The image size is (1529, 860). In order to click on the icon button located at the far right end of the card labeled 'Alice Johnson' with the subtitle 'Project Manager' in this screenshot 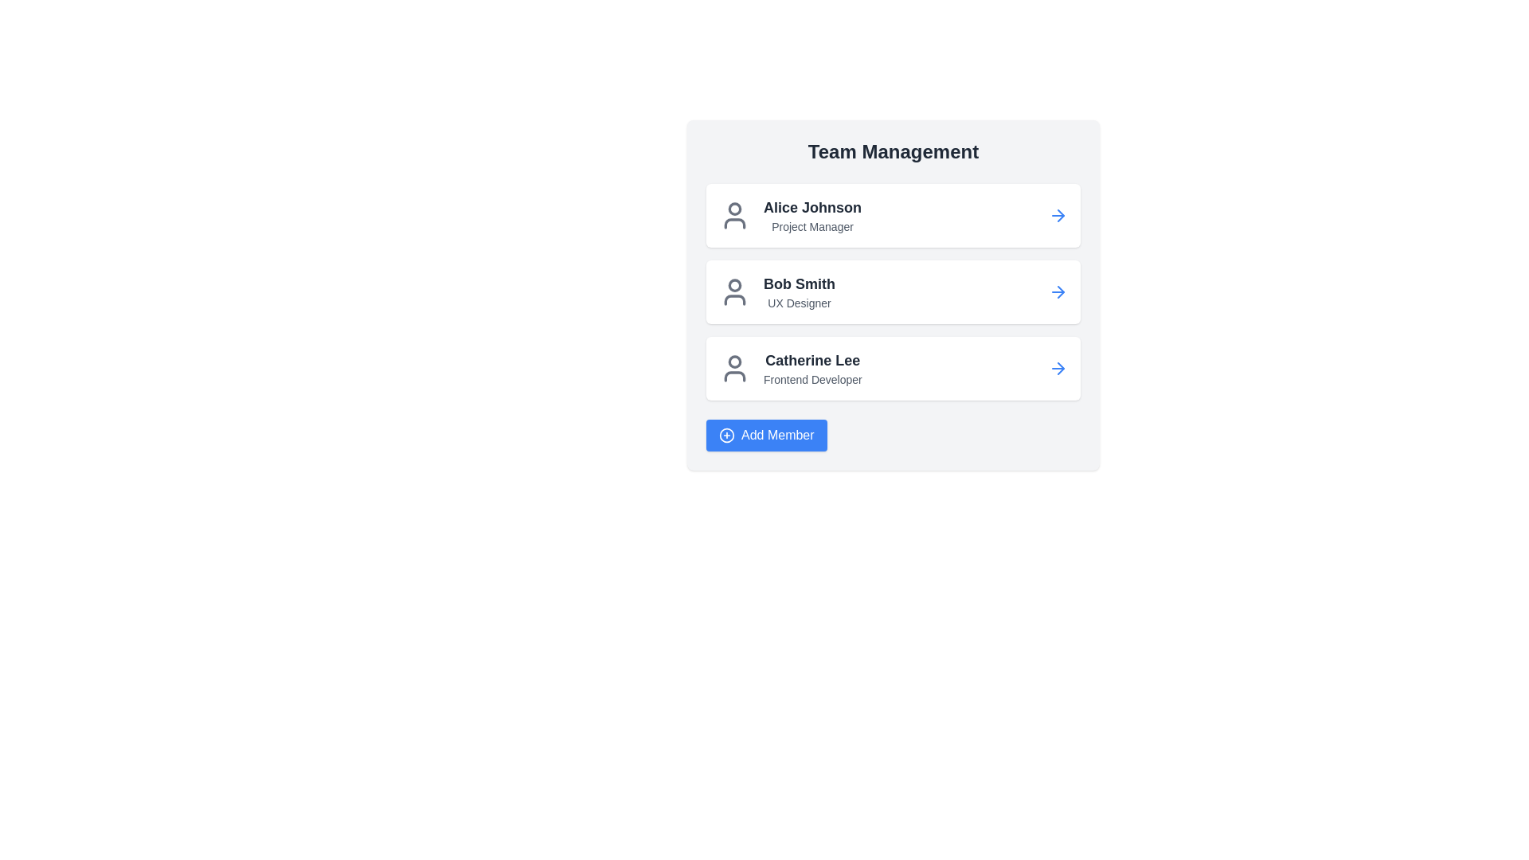, I will do `click(1058, 215)`.